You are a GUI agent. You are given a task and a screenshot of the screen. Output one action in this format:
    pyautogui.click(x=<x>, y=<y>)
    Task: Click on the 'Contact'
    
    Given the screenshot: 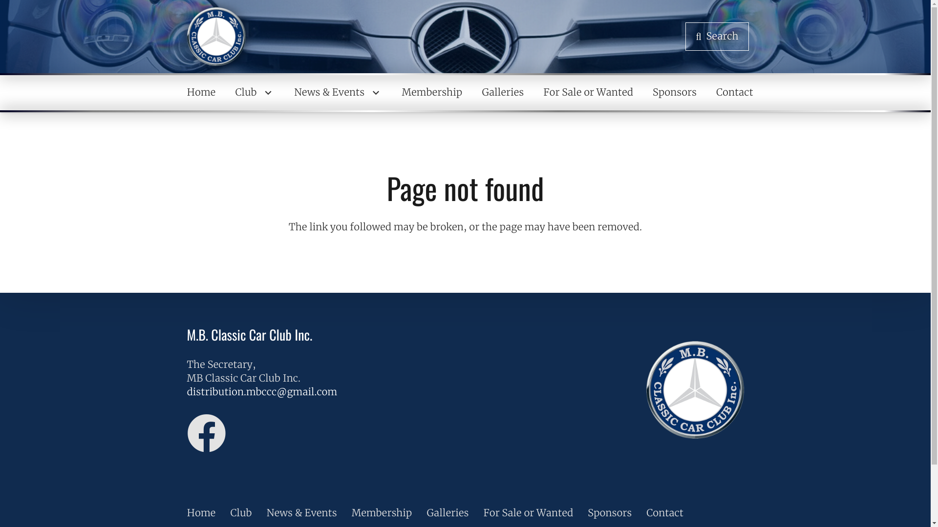 What is the action you would take?
    pyautogui.click(x=706, y=92)
    